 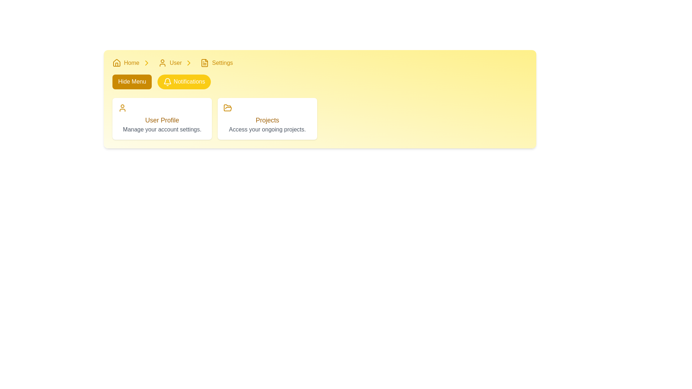 What do you see at coordinates (132, 62) in the screenshot?
I see `text of the Text label indicating the current or default navigation point in the navigation bar, which is positioned at the top left section of the interface` at bounding box center [132, 62].